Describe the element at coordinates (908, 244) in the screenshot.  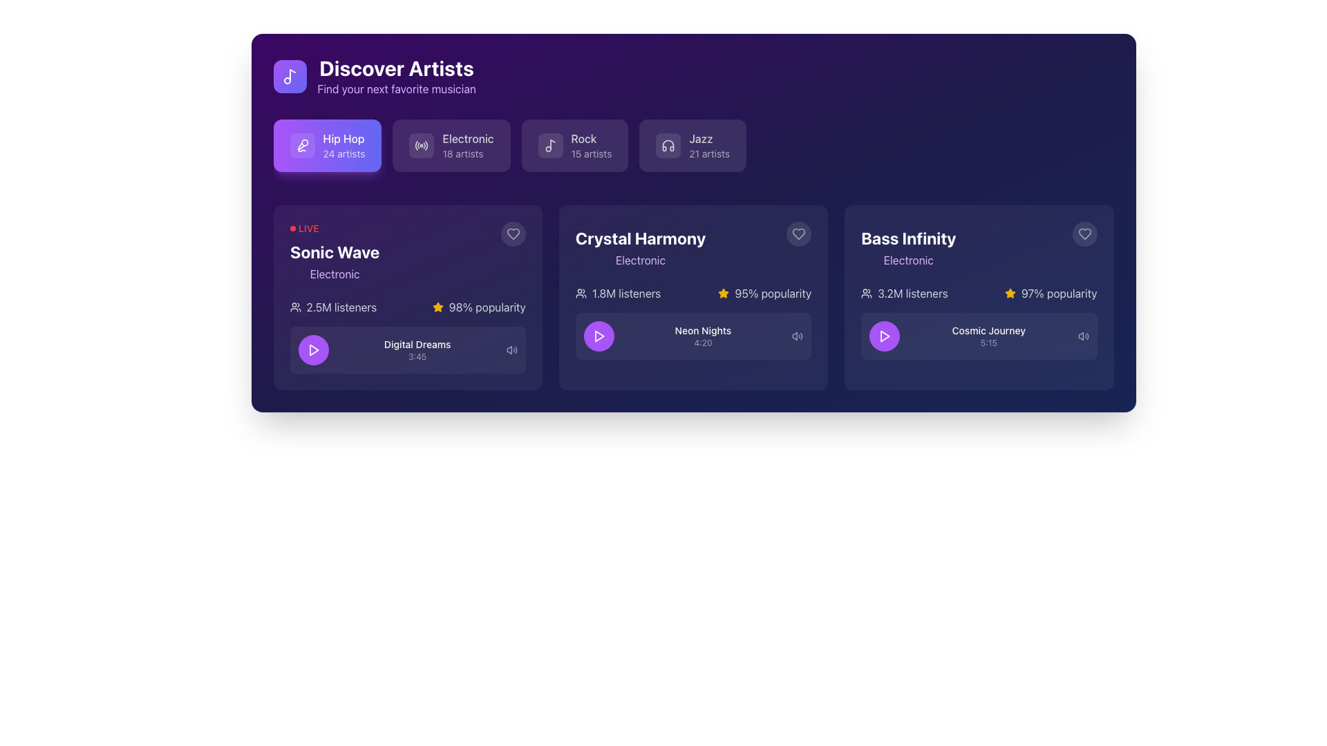
I see `on the 'Bass Infinity' text label, which is styled in bold, large white font and is located in the third card on the far-right side of the interface` at that location.